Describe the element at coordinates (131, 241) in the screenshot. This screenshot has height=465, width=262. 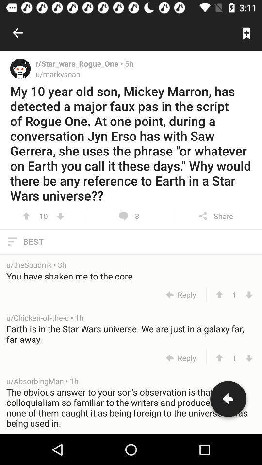
I see `best` at that location.